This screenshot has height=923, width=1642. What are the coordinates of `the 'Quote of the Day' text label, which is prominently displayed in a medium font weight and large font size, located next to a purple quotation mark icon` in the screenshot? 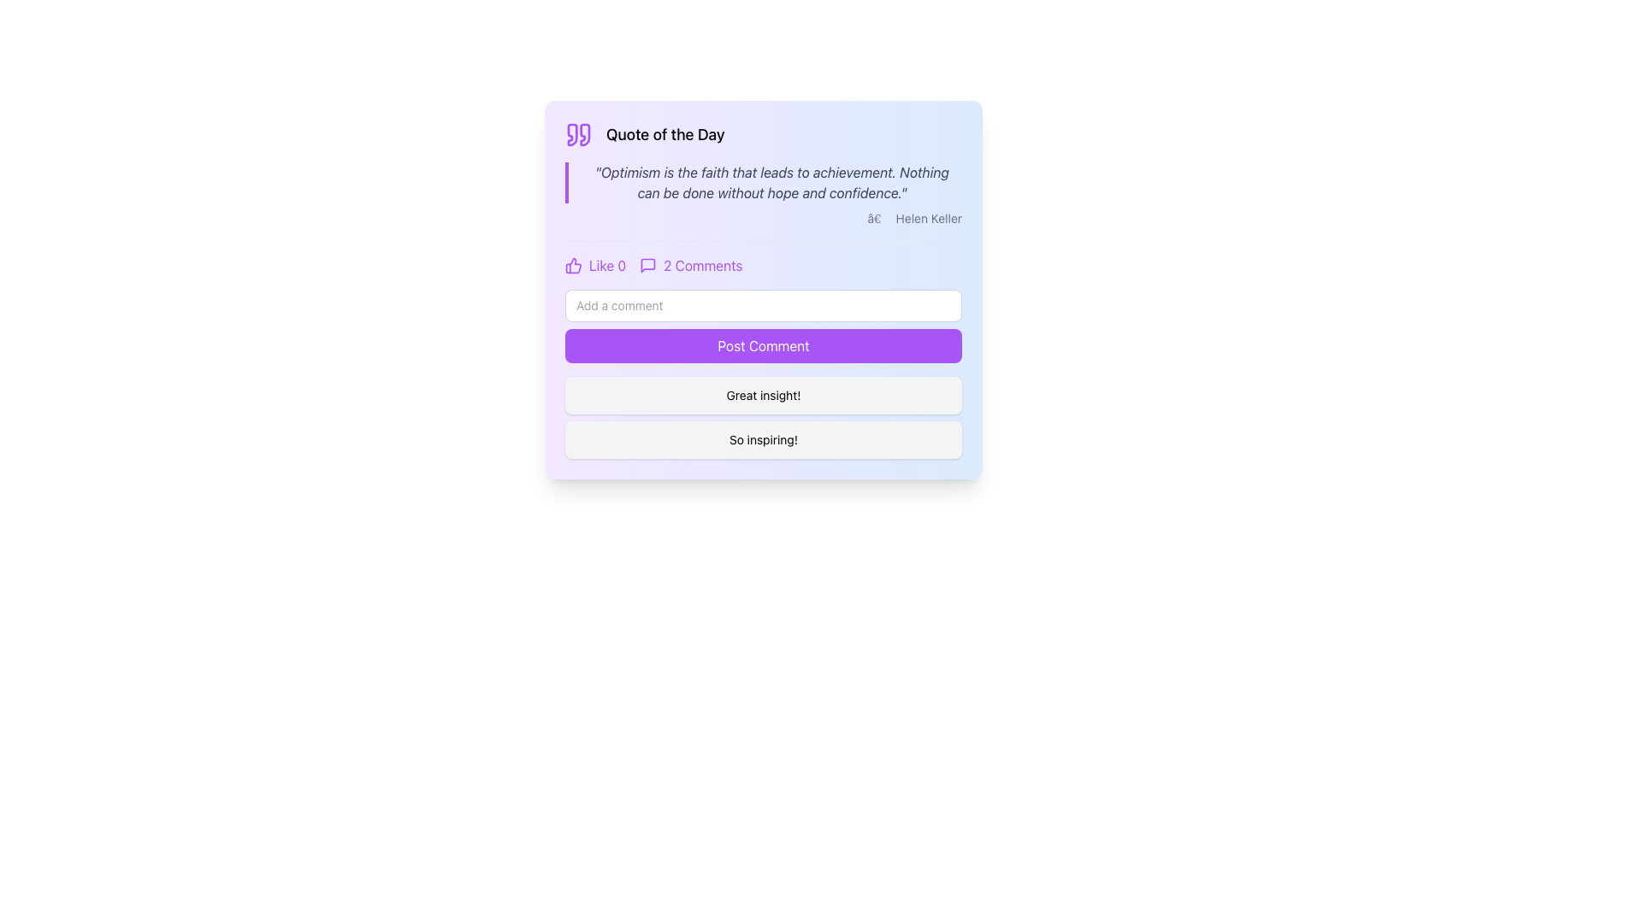 It's located at (664, 134).